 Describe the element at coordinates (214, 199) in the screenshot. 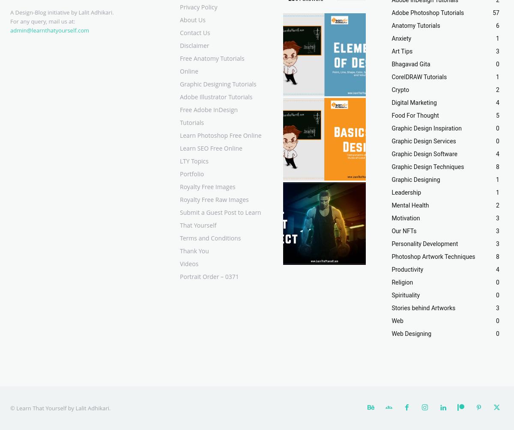

I see `'Royalty Free Raw Images'` at that location.